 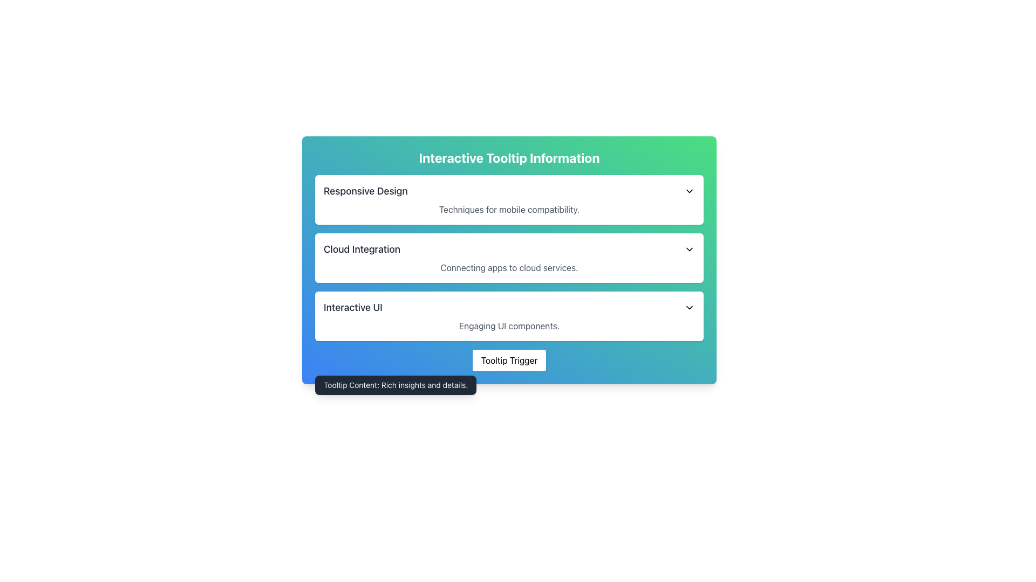 What do you see at coordinates (689, 190) in the screenshot?
I see `the chevron icon that serves as a dropdown indicator for 'Responsive Design' to activate the tooltip` at bounding box center [689, 190].